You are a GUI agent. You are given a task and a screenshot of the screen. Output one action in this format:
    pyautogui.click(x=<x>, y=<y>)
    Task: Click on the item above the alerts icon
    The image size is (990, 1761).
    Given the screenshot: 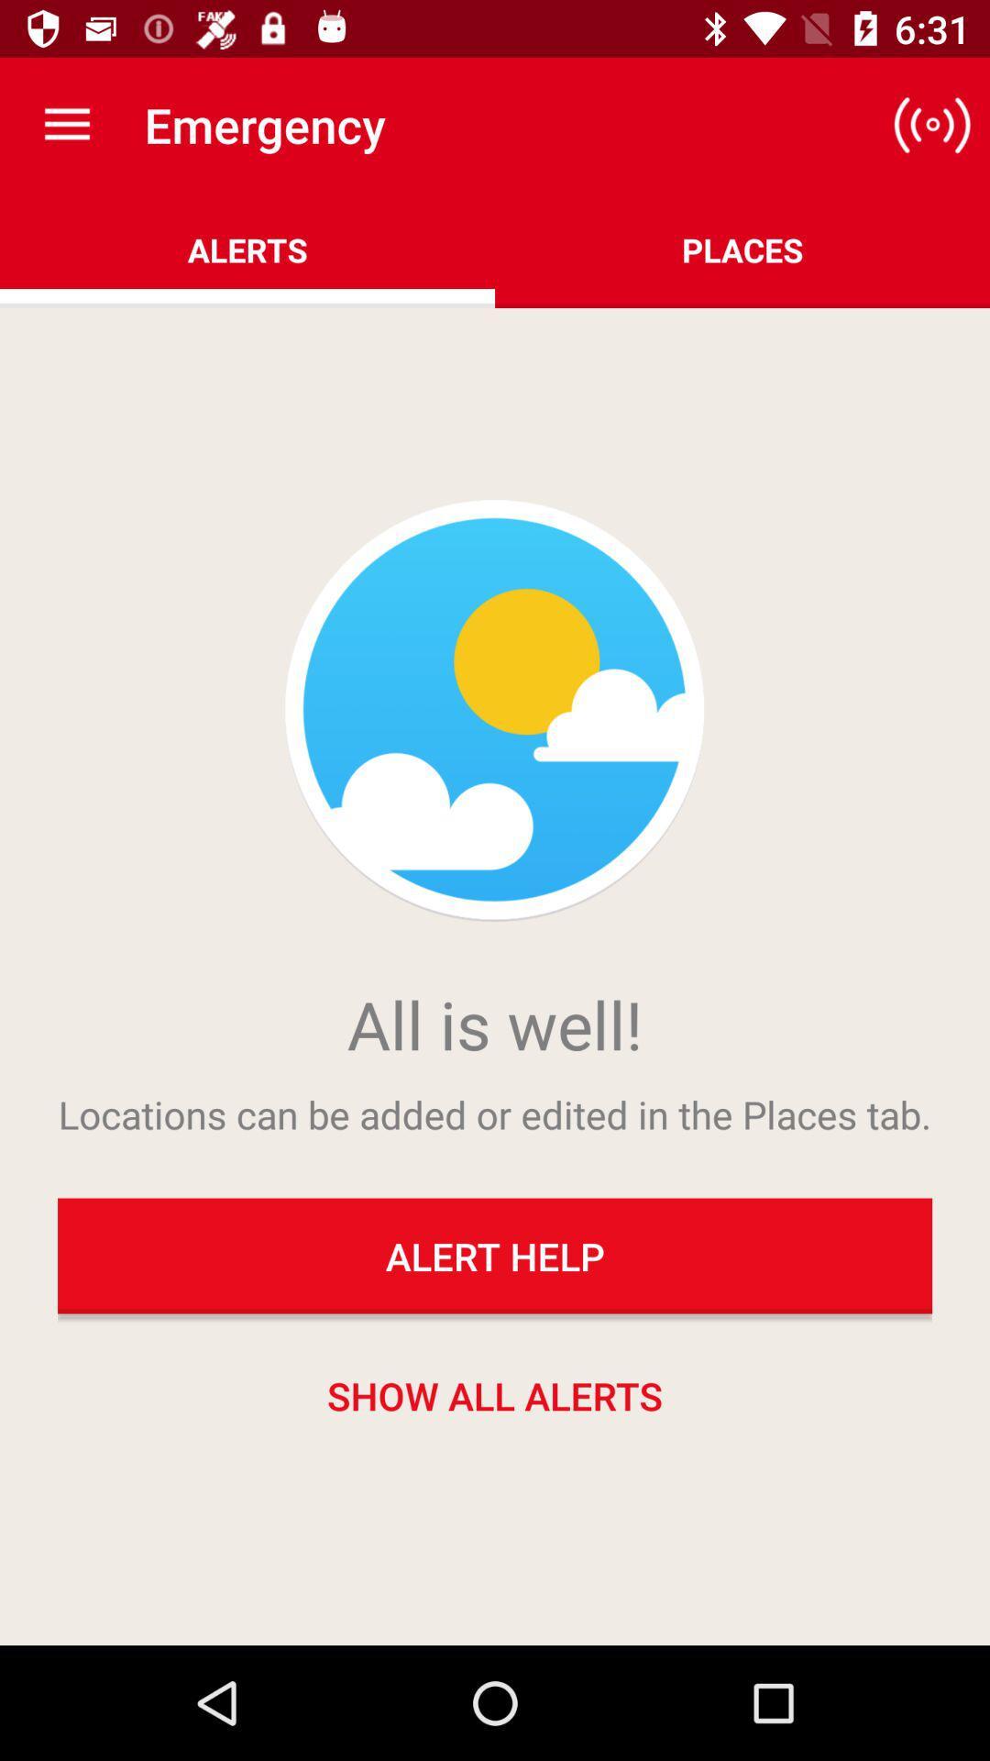 What is the action you would take?
    pyautogui.click(x=66, y=124)
    